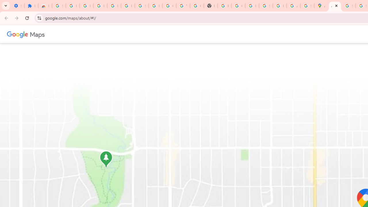  What do you see at coordinates (59, 6) in the screenshot?
I see `'Sign in - Google Accounts'` at bounding box center [59, 6].